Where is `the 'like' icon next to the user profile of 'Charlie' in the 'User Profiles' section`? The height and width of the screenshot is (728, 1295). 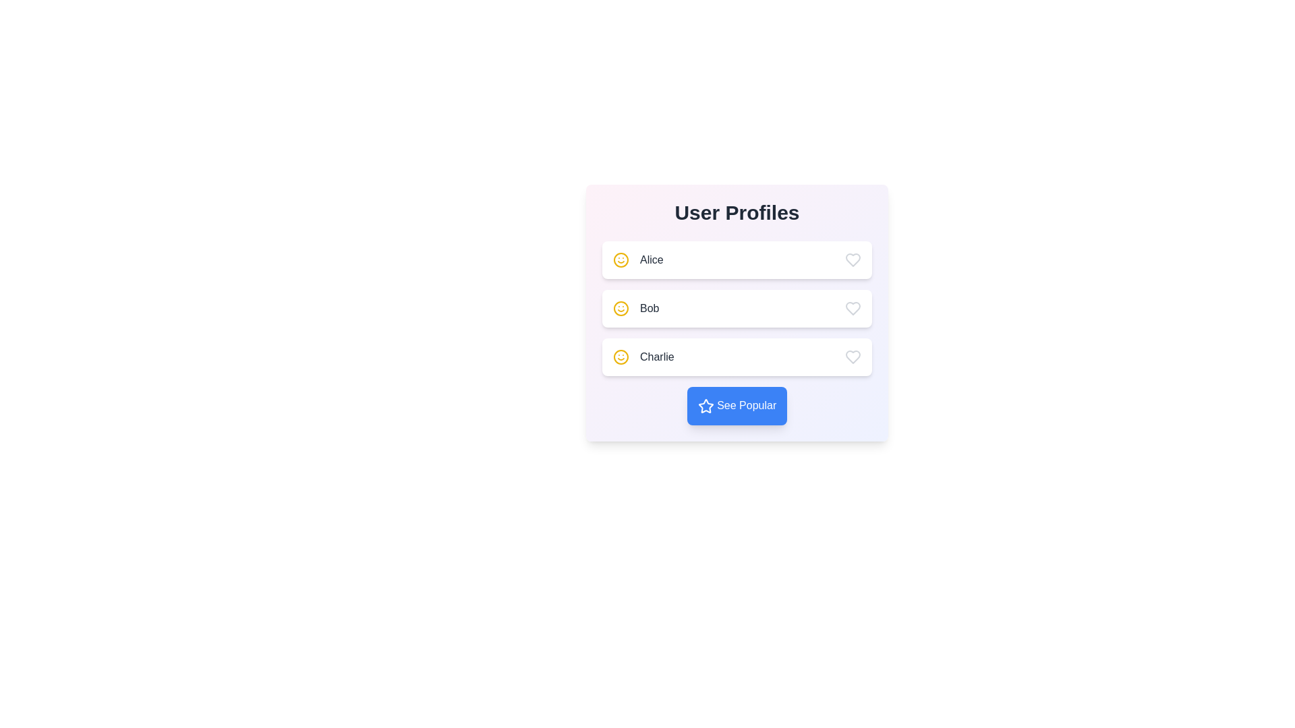
the 'like' icon next to the user profile of 'Charlie' in the 'User Profiles' section is located at coordinates (853, 356).